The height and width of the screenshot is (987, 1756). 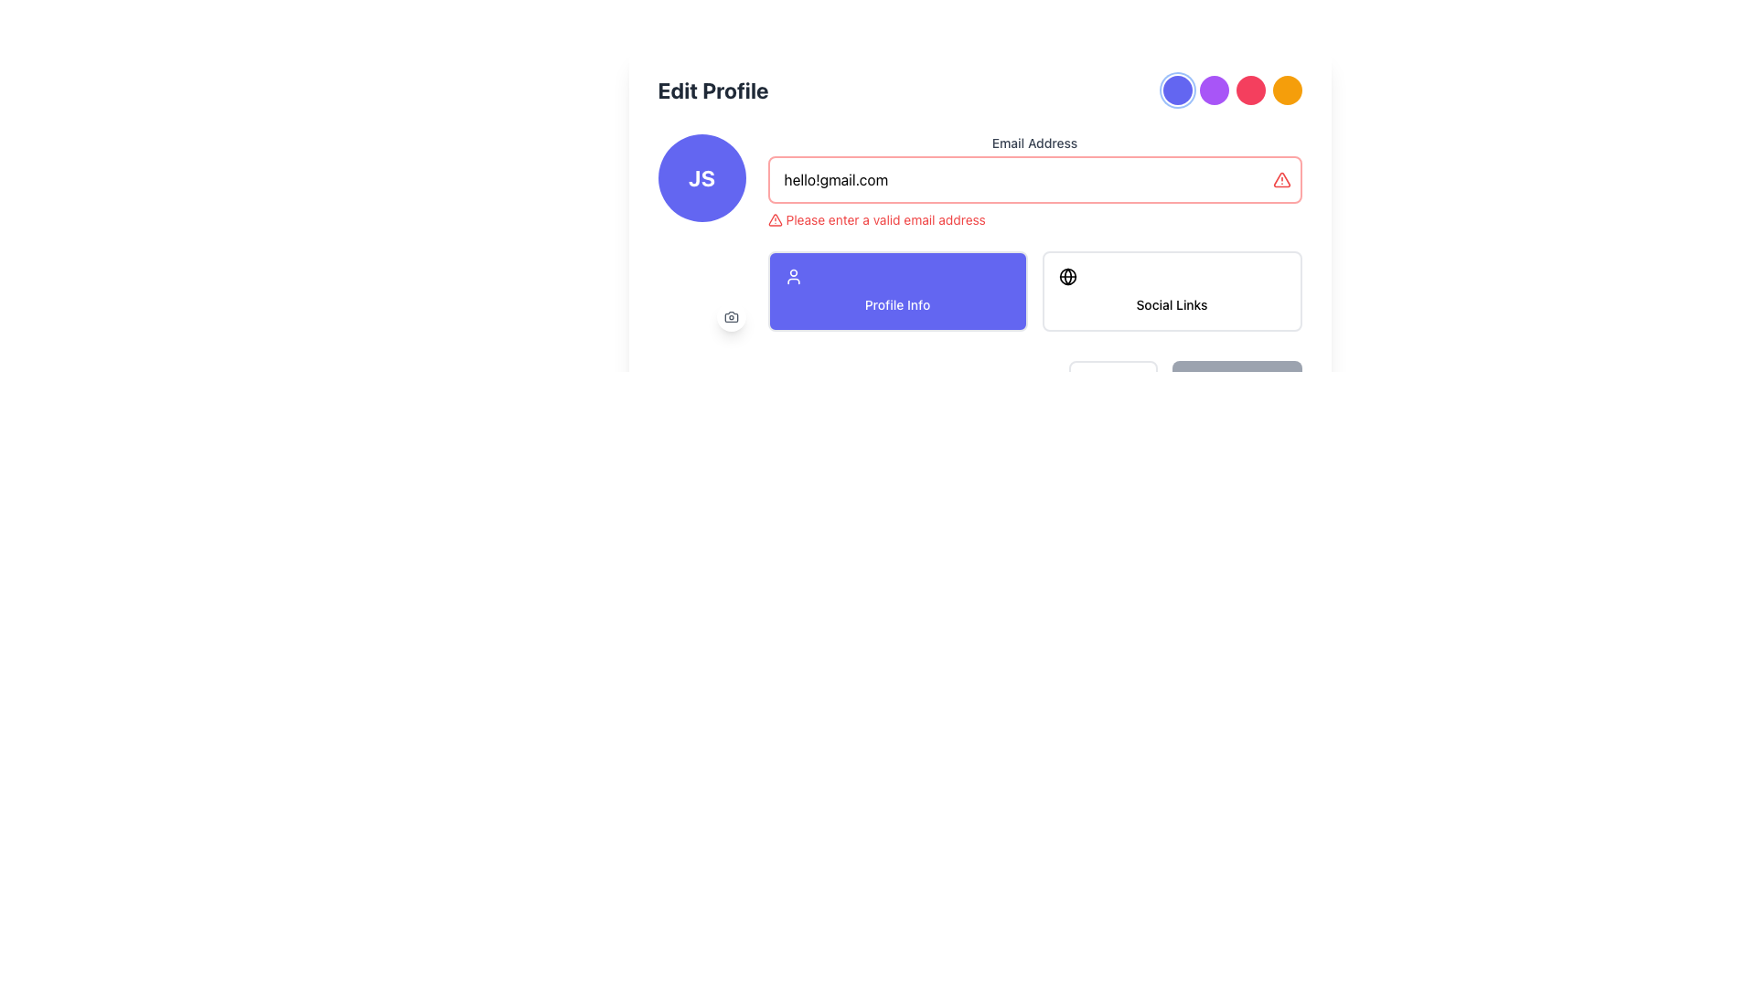 What do you see at coordinates (1232, 90) in the screenshot?
I see `the second colored icon located in the top-right area of the interface, which is aligned horizontally to the right of the 'Edit Profile' heading` at bounding box center [1232, 90].